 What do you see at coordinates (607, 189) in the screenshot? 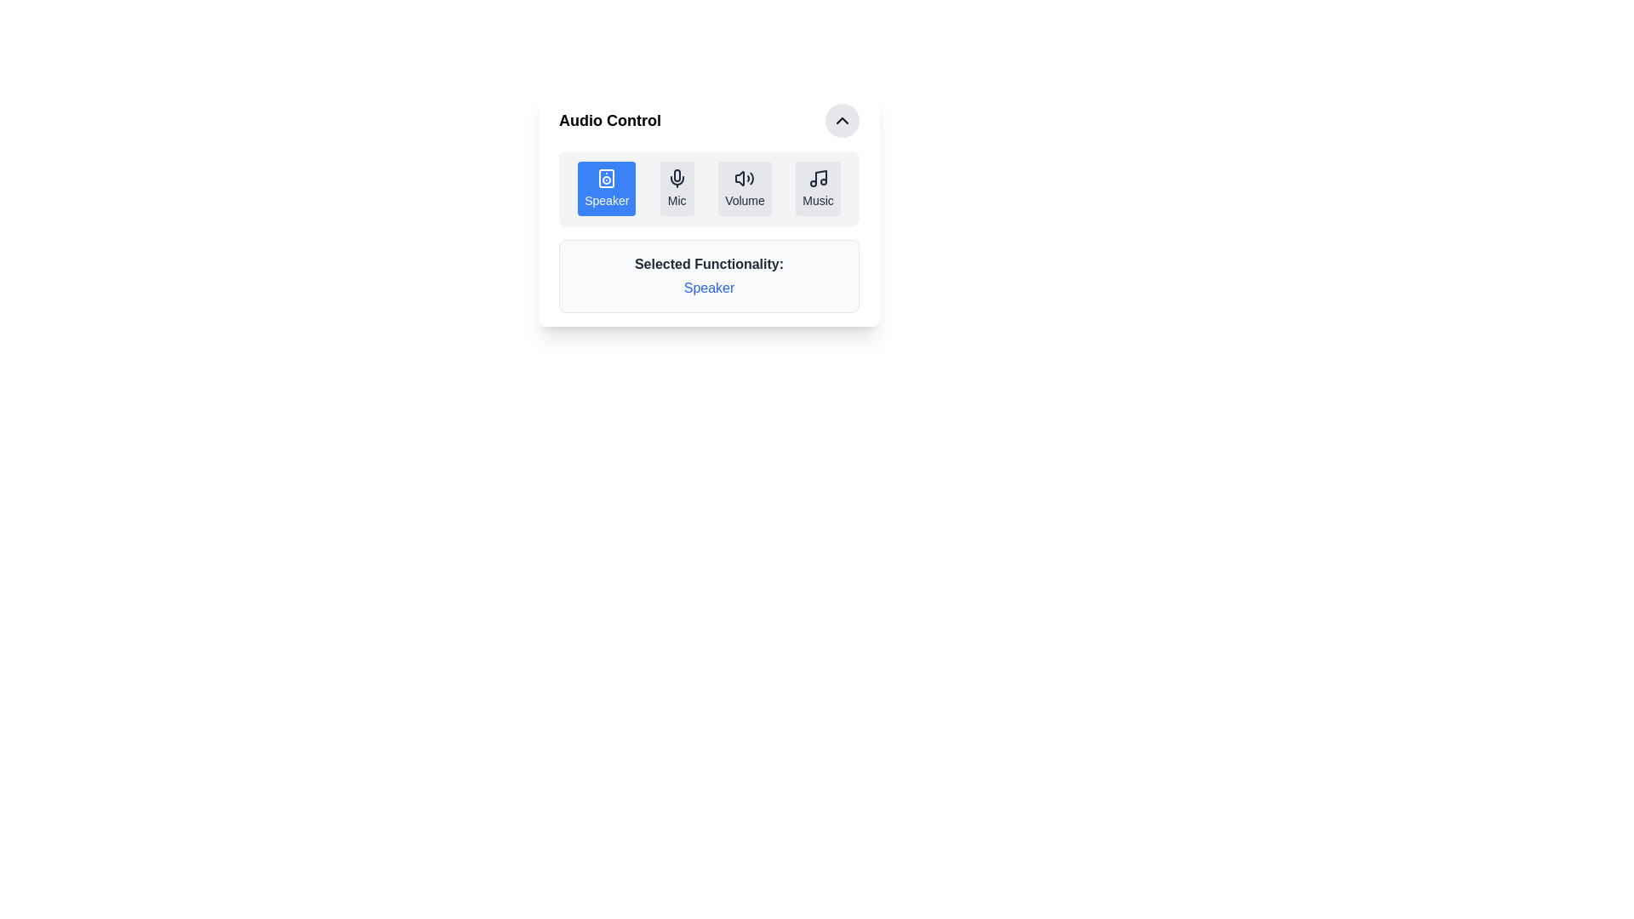
I see `the 'Speaker' button, which is a blue rectangular button with rounded corners displaying white text and a speaker icon, located at the top center of the audio control interface` at bounding box center [607, 189].